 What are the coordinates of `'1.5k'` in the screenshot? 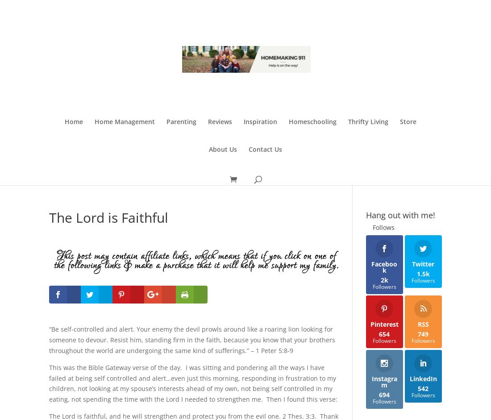 It's located at (423, 273).